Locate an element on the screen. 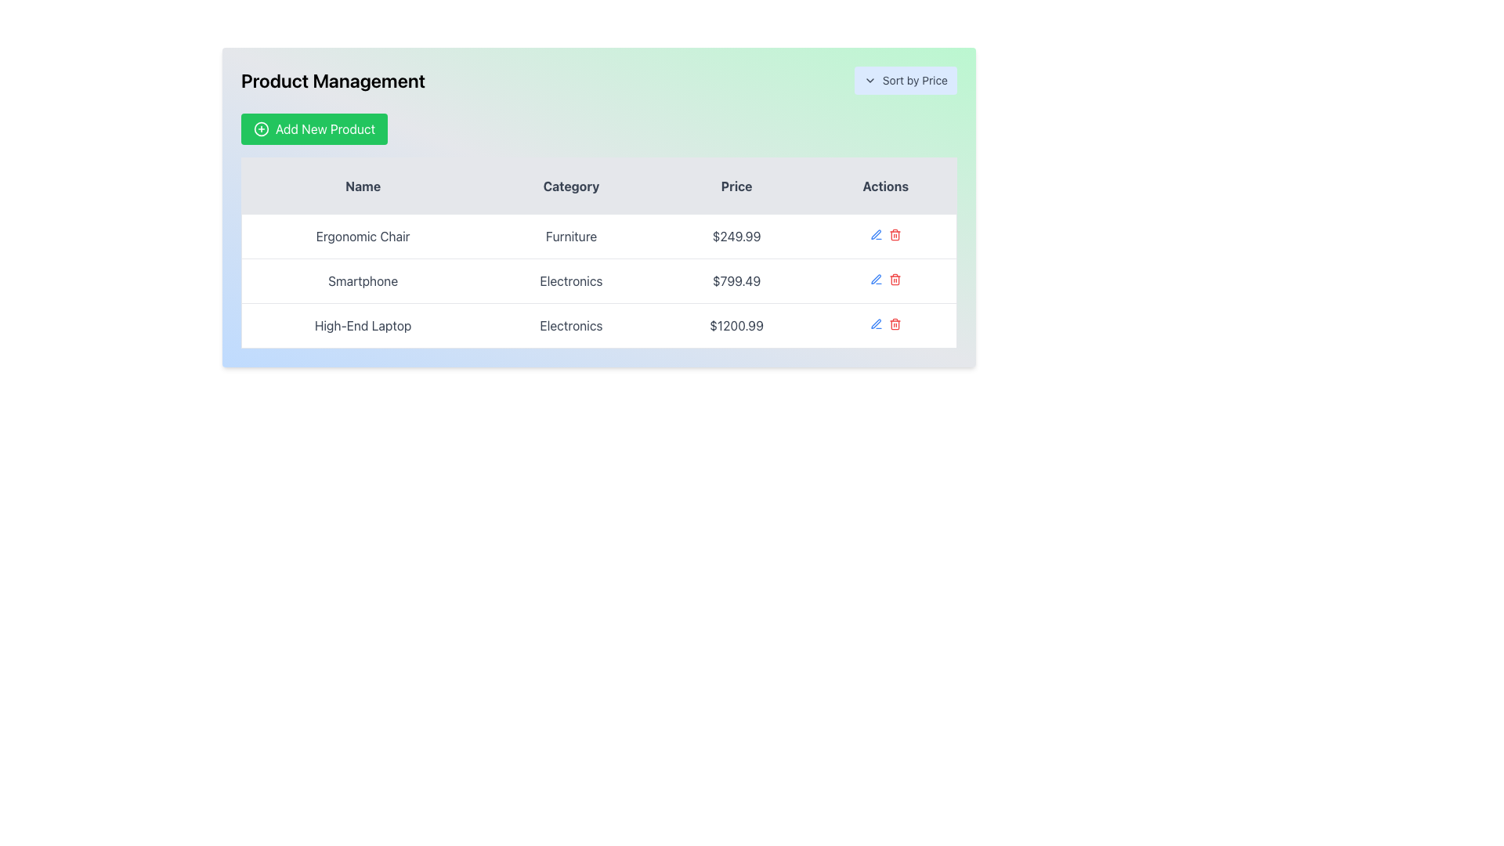 The height and width of the screenshot is (846, 1504). the 'Sort by Price' dropdown menu trigger located in the top-right corner of the 'Product Management' section is located at coordinates (906, 81).